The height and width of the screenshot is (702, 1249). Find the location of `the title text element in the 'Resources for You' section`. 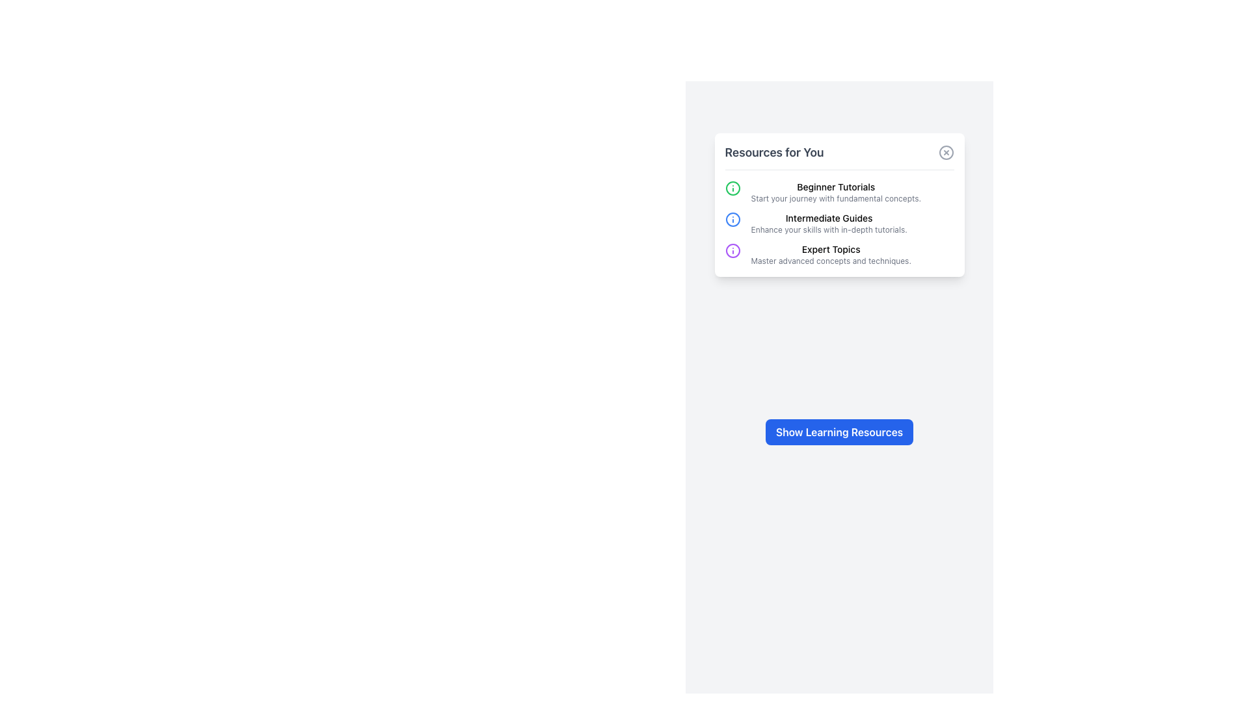

the title text element in the 'Resources for You' section is located at coordinates (828, 217).